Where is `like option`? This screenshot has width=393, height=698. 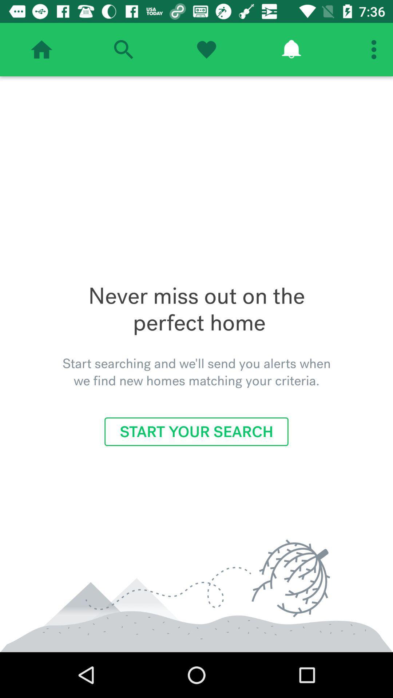
like option is located at coordinates (206, 49).